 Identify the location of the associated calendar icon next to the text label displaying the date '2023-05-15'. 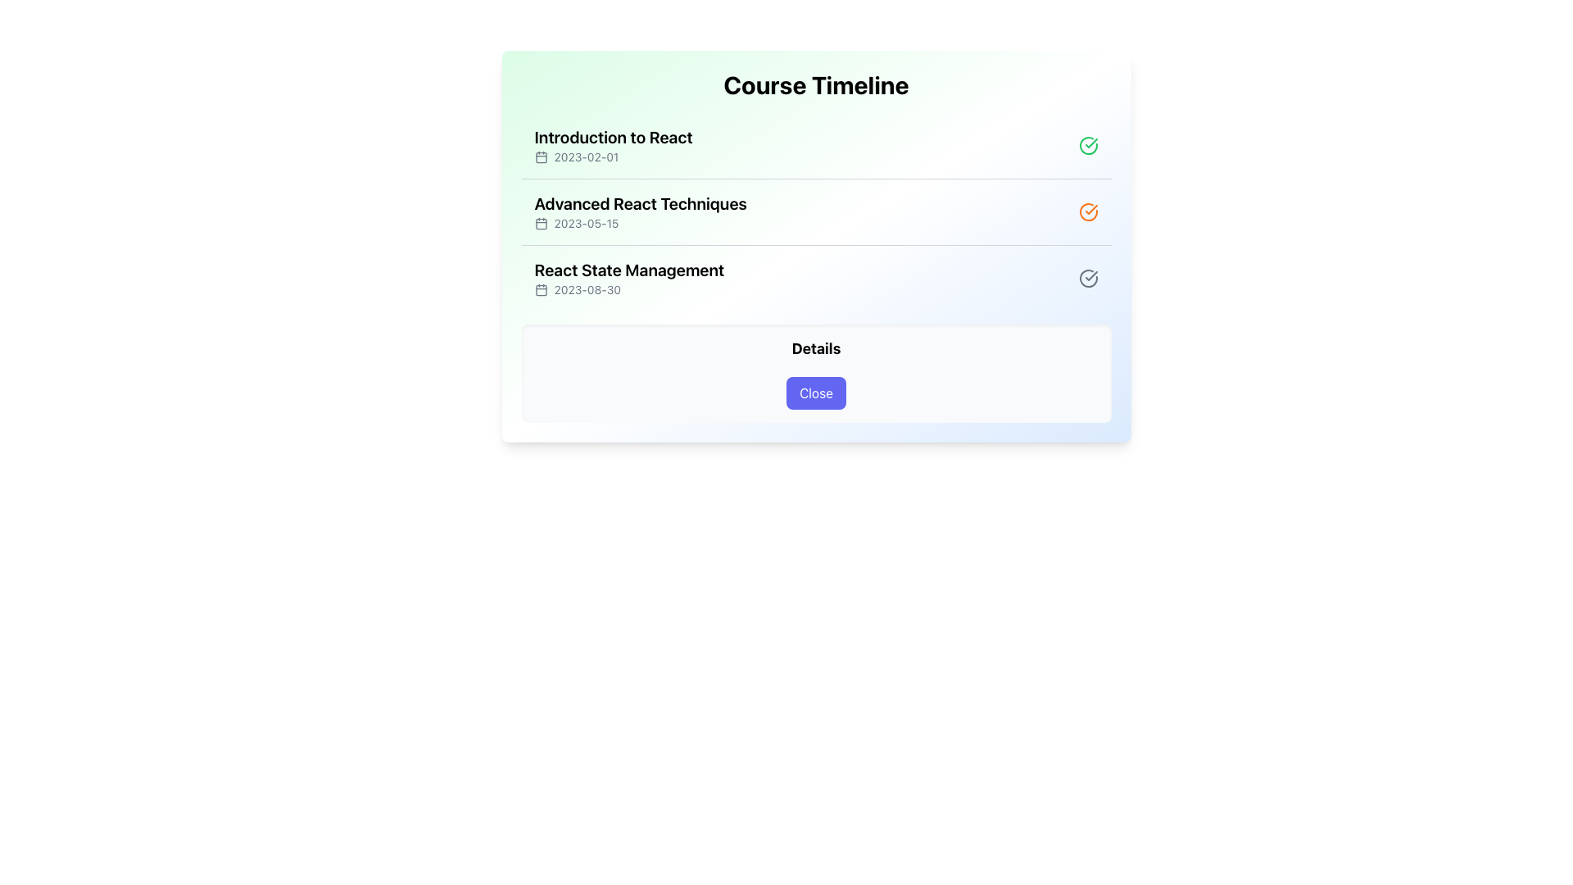
(640, 224).